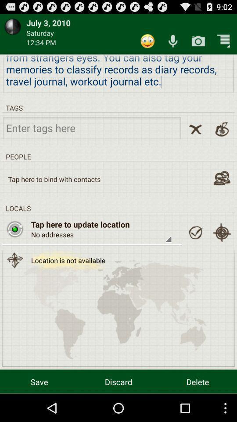 The width and height of the screenshot is (237, 422). Describe the element at coordinates (118, 381) in the screenshot. I see `the discard item` at that location.